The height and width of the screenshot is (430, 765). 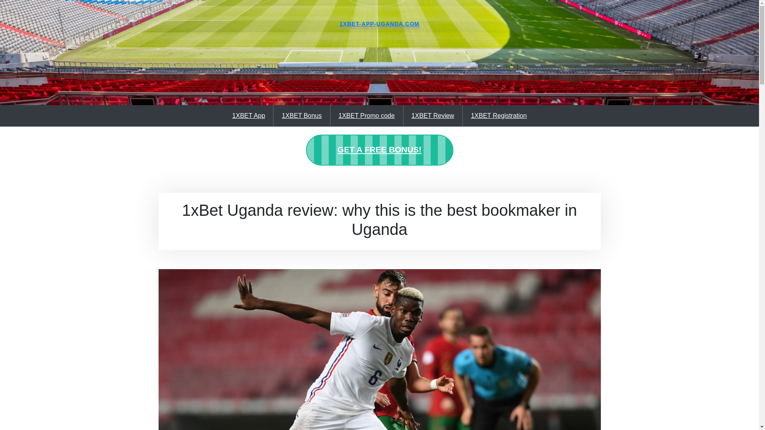 I want to click on '1XBET Promo code', so click(x=366, y=115).